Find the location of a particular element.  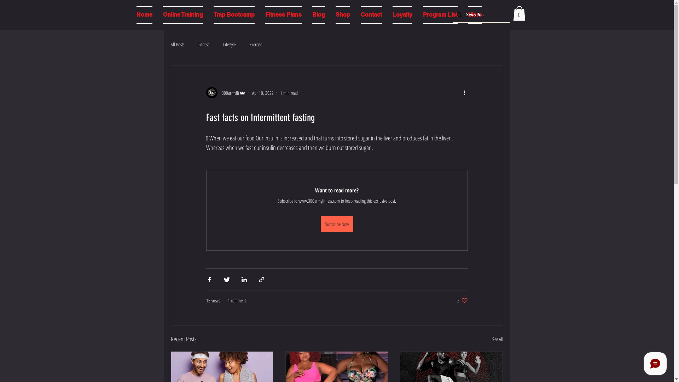

'0' is located at coordinates (519, 13).